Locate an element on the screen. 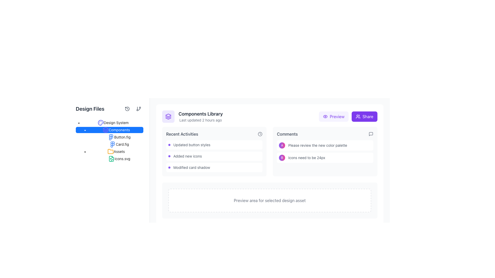 This screenshot has height=278, width=495. the eye icon within the purple 'Preview' button located at the upper right of the main content area to initiate the preview action is located at coordinates (325, 116).